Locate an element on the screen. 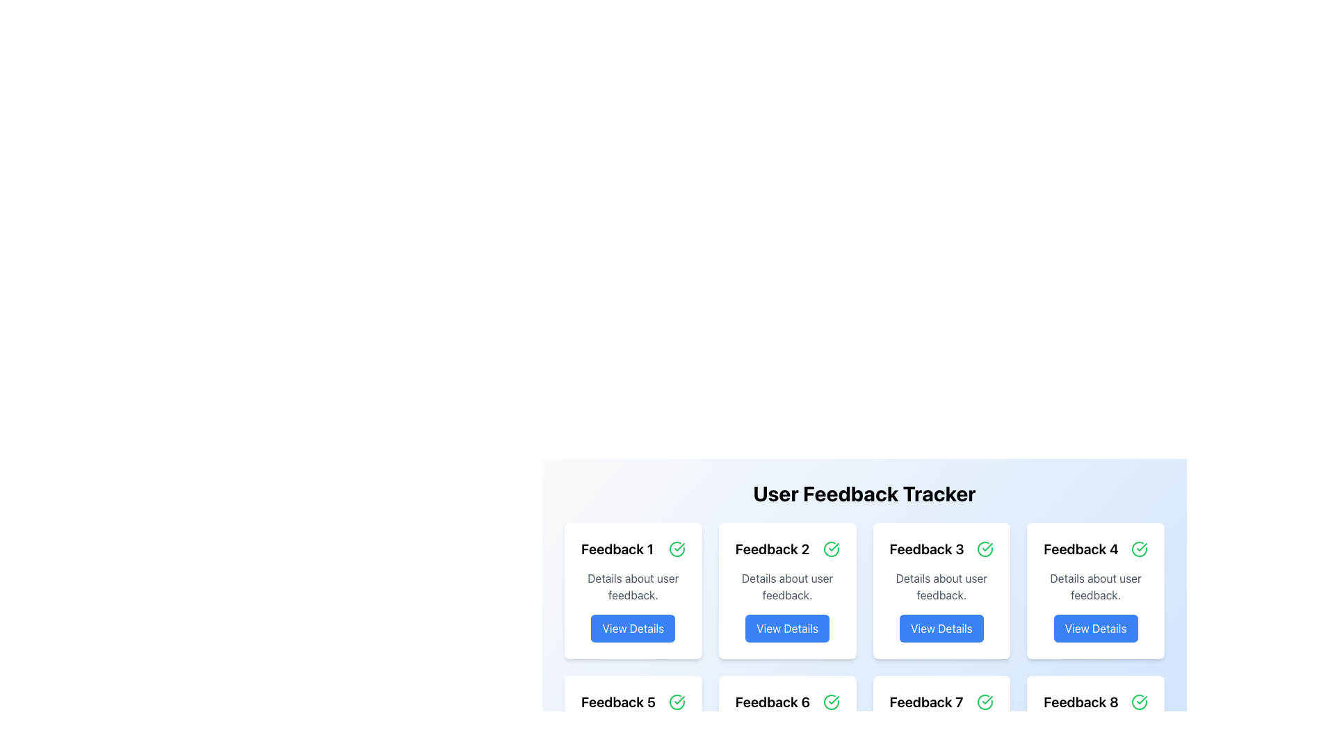 The image size is (1335, 751). the card displaying feedback labeled as 'Feedback 4', which is the last card in the first row of a 4-column grid layout is located at coordinates (1095, 590).